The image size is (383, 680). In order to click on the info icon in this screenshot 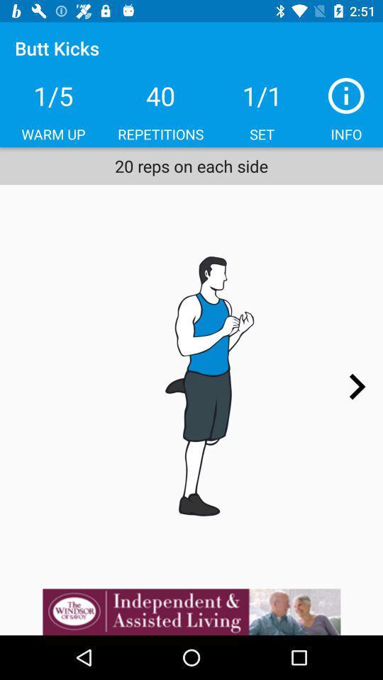, I will do `click(345, 95)`.